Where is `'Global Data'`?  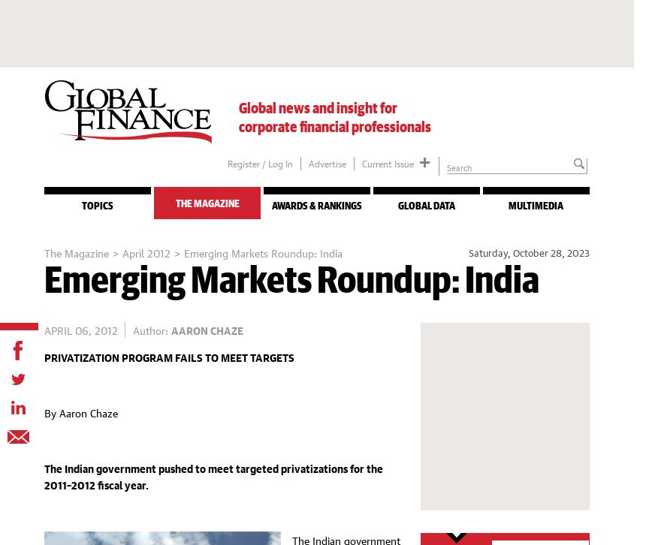
'Global Data' is located at coordinates (425, 206).